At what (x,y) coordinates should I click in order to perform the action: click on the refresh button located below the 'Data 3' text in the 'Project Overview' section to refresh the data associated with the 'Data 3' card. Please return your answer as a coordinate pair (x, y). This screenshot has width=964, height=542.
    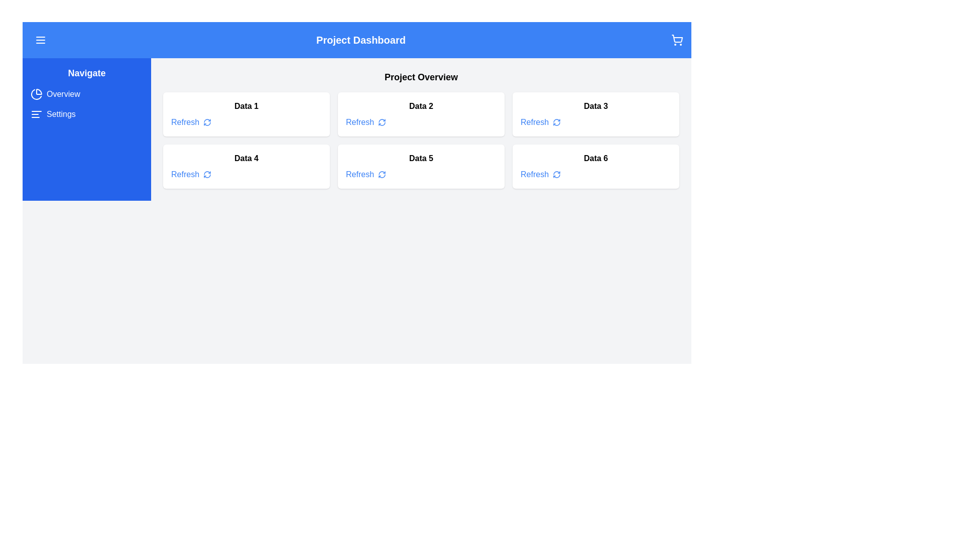
    Looking at the image, I should click on (540, 121).